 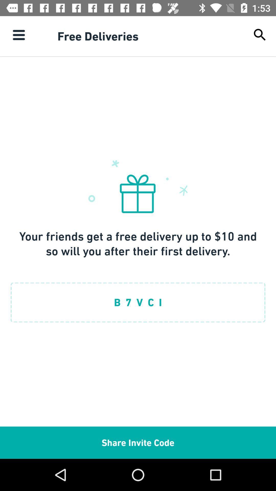 I want to click on item to the right of the free deliveries item, so click(x=260, y=35).